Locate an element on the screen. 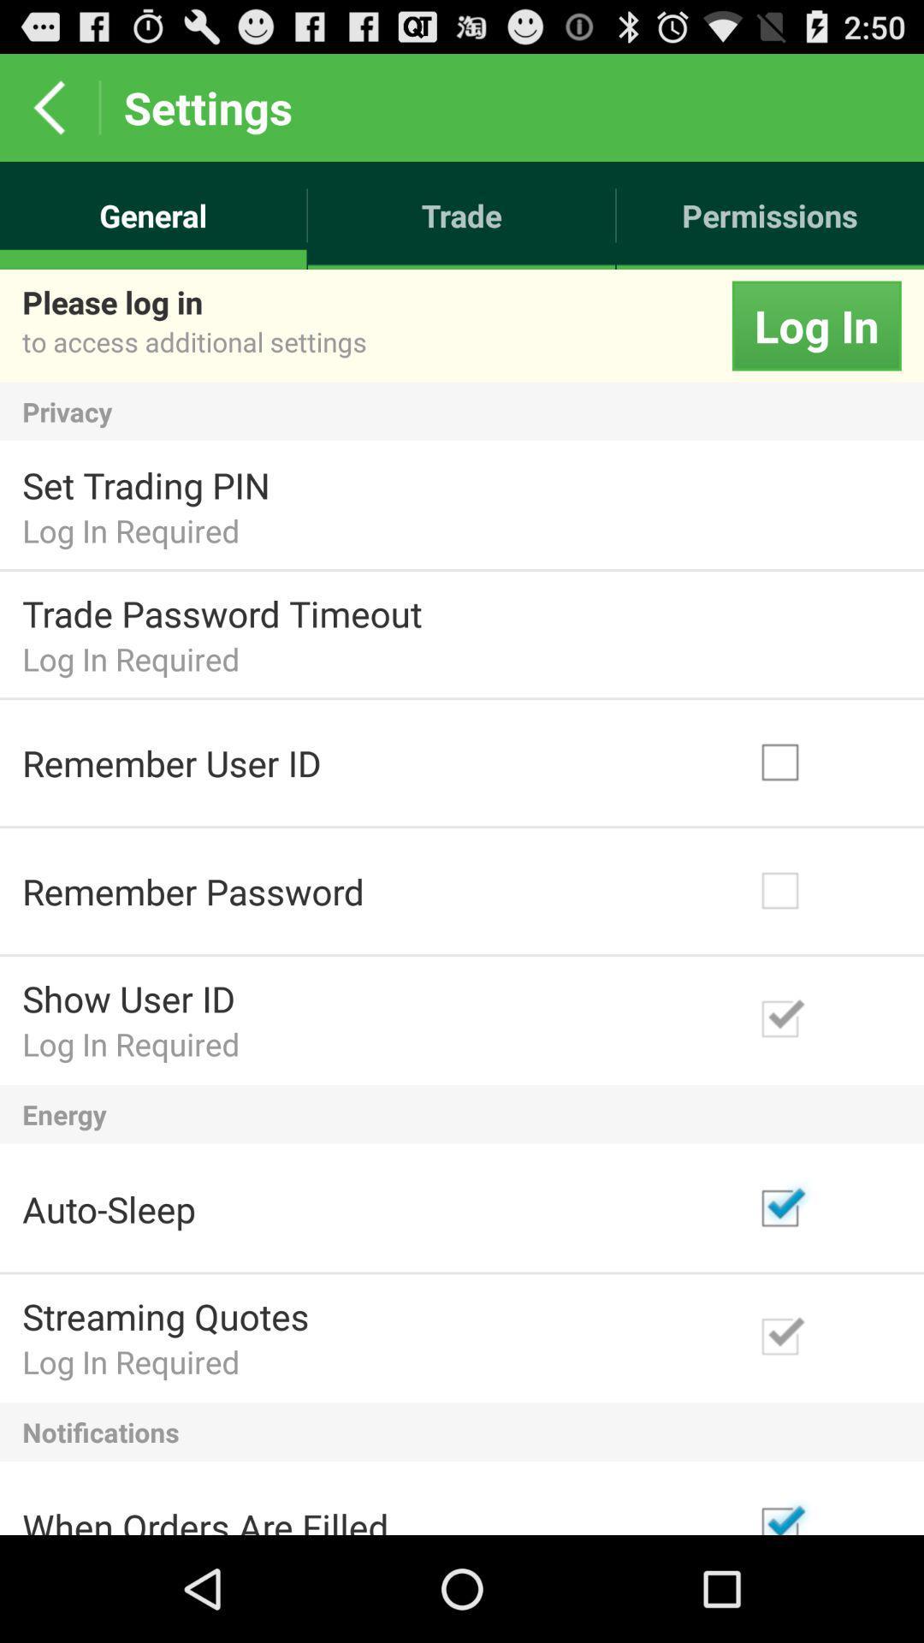  permissions is located at coordinates (770, 215).